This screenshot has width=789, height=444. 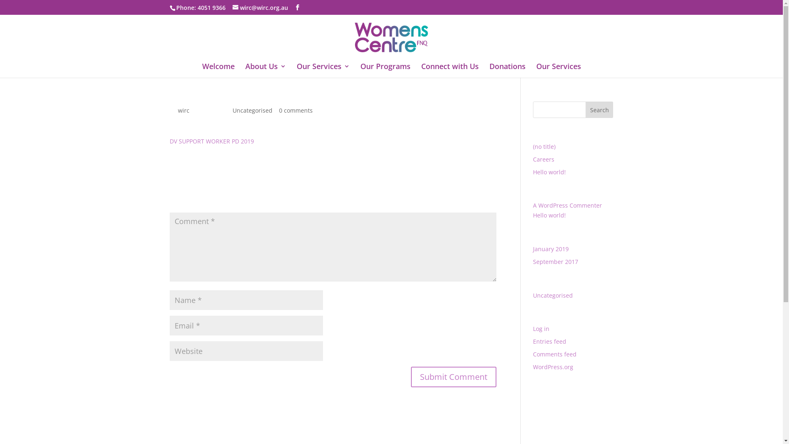 What do you see at coordinates (169, 141) in the screenshot?
I see `'DV SUPPORT WORKER PD 2019'` at bounding box center [169, 141].